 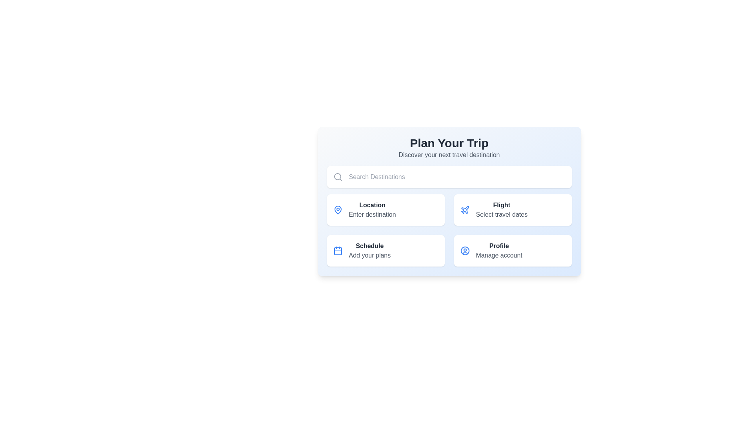 What do you see at coordinates (513, 210) in the screenshot?
I see `the flight selection Card element located in the upper right of the section containing four cards, specifically in the second column of the first row to initiate flight selection` at bounding box center [513, 210].